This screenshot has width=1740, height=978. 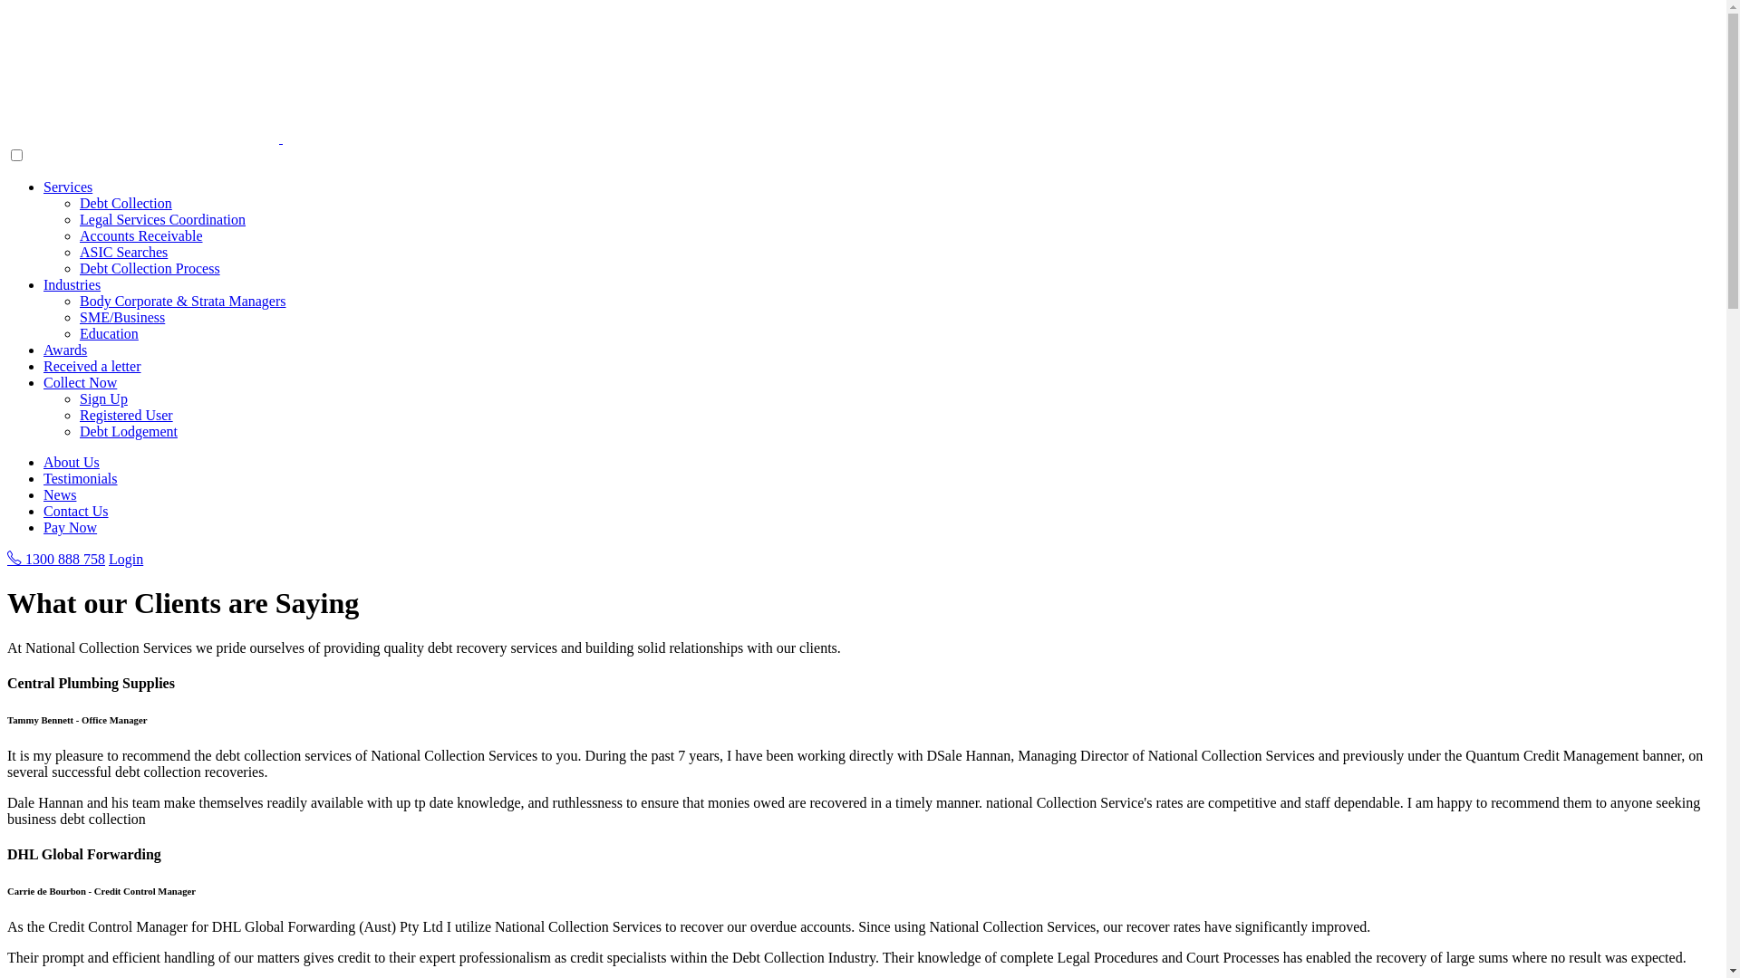 What do you see at coordinates (72, 284) in the screenshot?
I see `'Industries'` at bounding box center [72, 284].